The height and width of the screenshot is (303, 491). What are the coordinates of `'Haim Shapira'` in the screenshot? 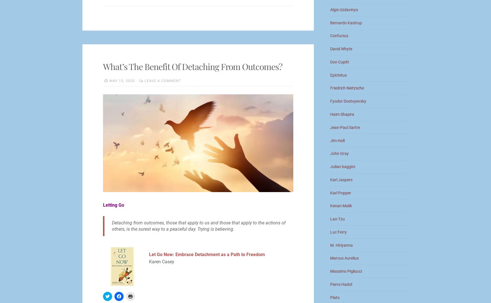 It's located at (342, 114).